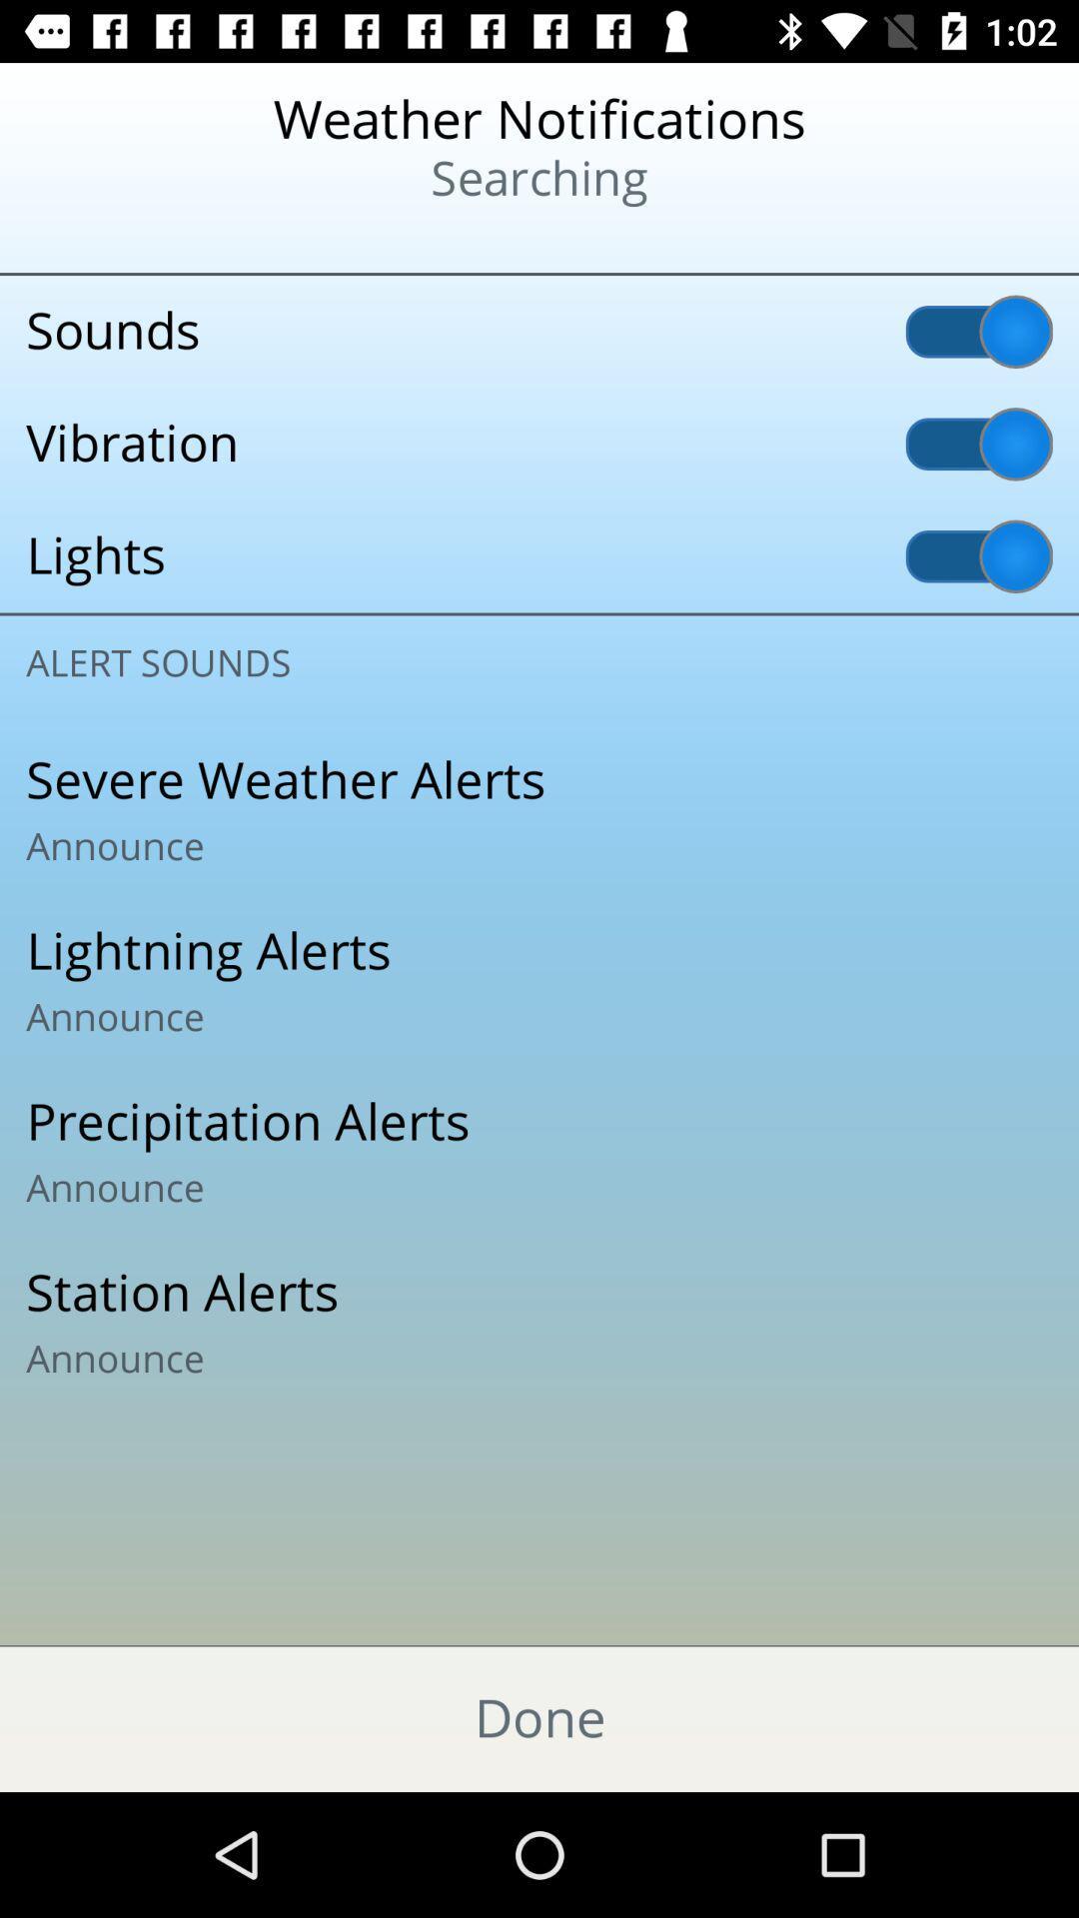 This screenshot has height=1918, width=1079. What do you see at coordinates (539, 443) in the screenshot?
I see `the vibration icon` at bounding box center [539, 443].